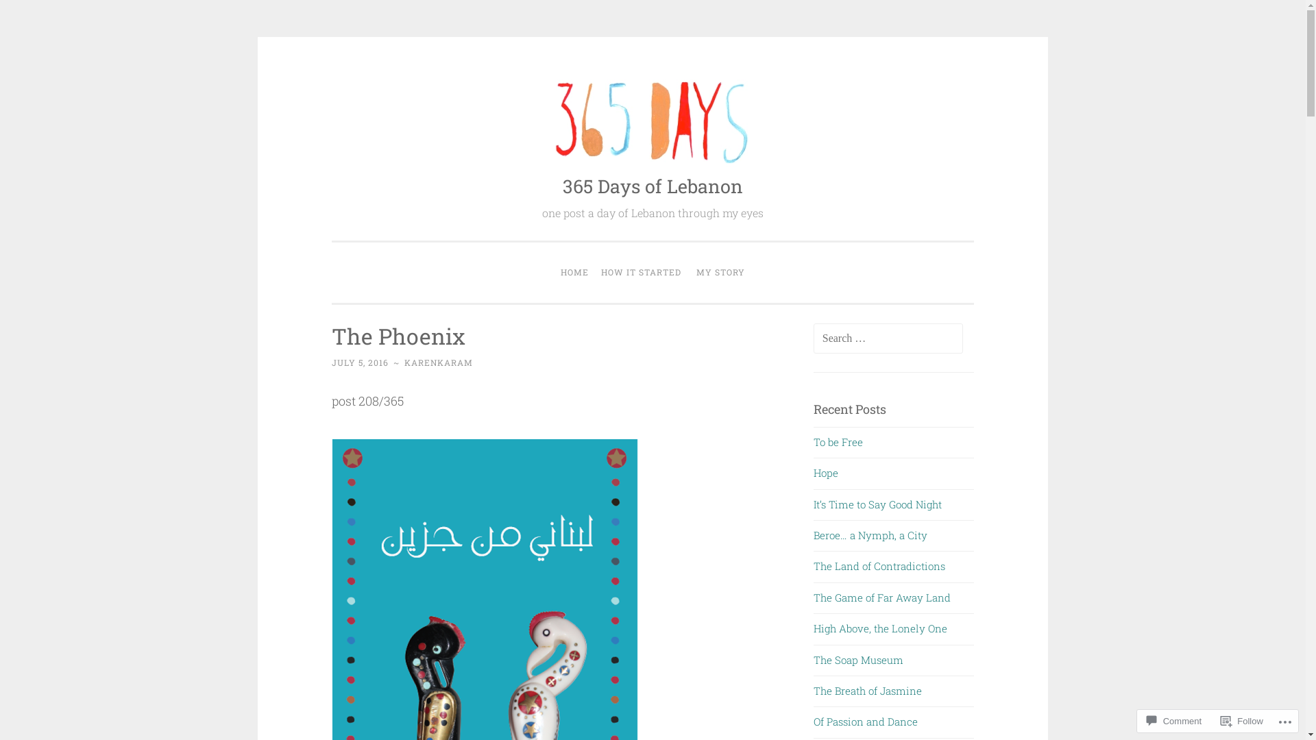 The height and width of the screenshot is (740, 1316). I want to click on 'HOW IT STARTED', so click(640, 272).